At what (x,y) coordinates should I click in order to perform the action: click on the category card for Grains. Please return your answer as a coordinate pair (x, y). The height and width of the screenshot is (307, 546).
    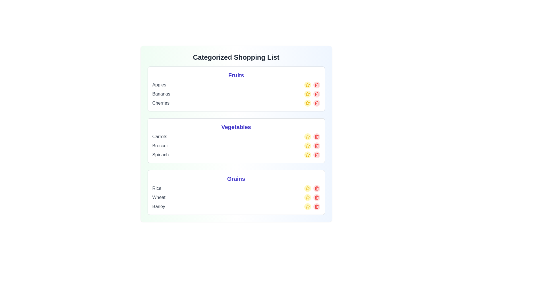
    Looking at the image, I should click on (236, 192).